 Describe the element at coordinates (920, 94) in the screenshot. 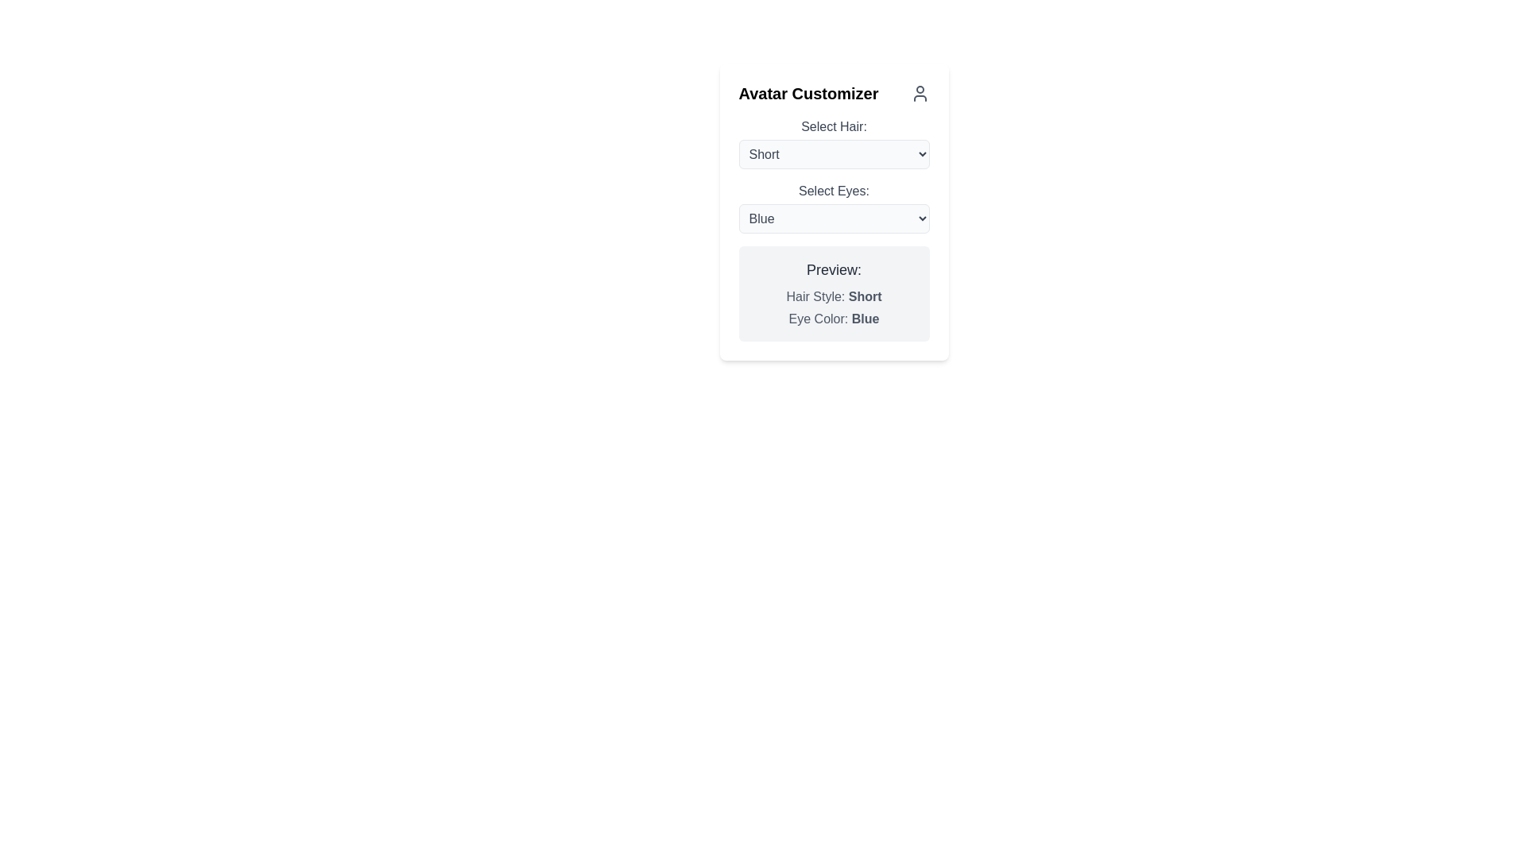

I see `the user avatar-shaped icon, which is gray and located at the top right of the 'Avatar Customizer' panel, aligned with the title` at that location.